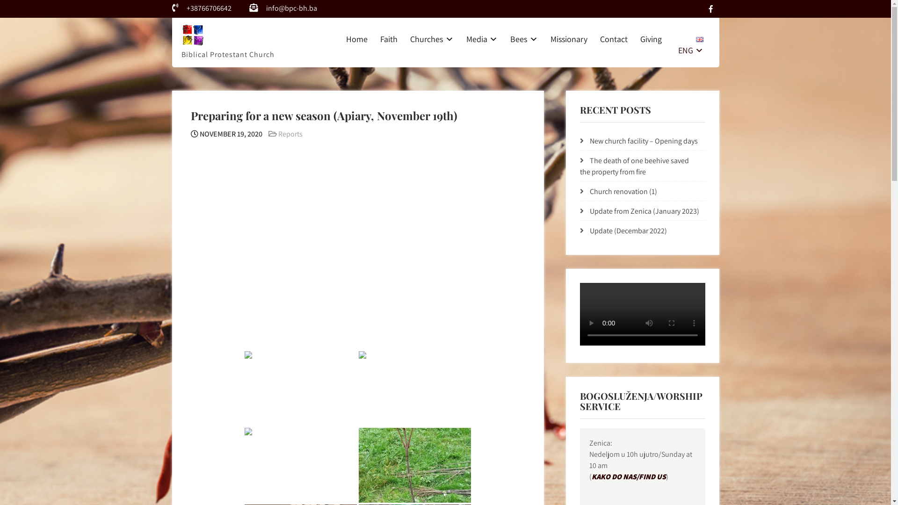 The width and height of the screenshot is (898, 505). Describe the element at coordinates (628, 231) in the screenshot. I see `'Update (Decembar 2022)'` at that location.